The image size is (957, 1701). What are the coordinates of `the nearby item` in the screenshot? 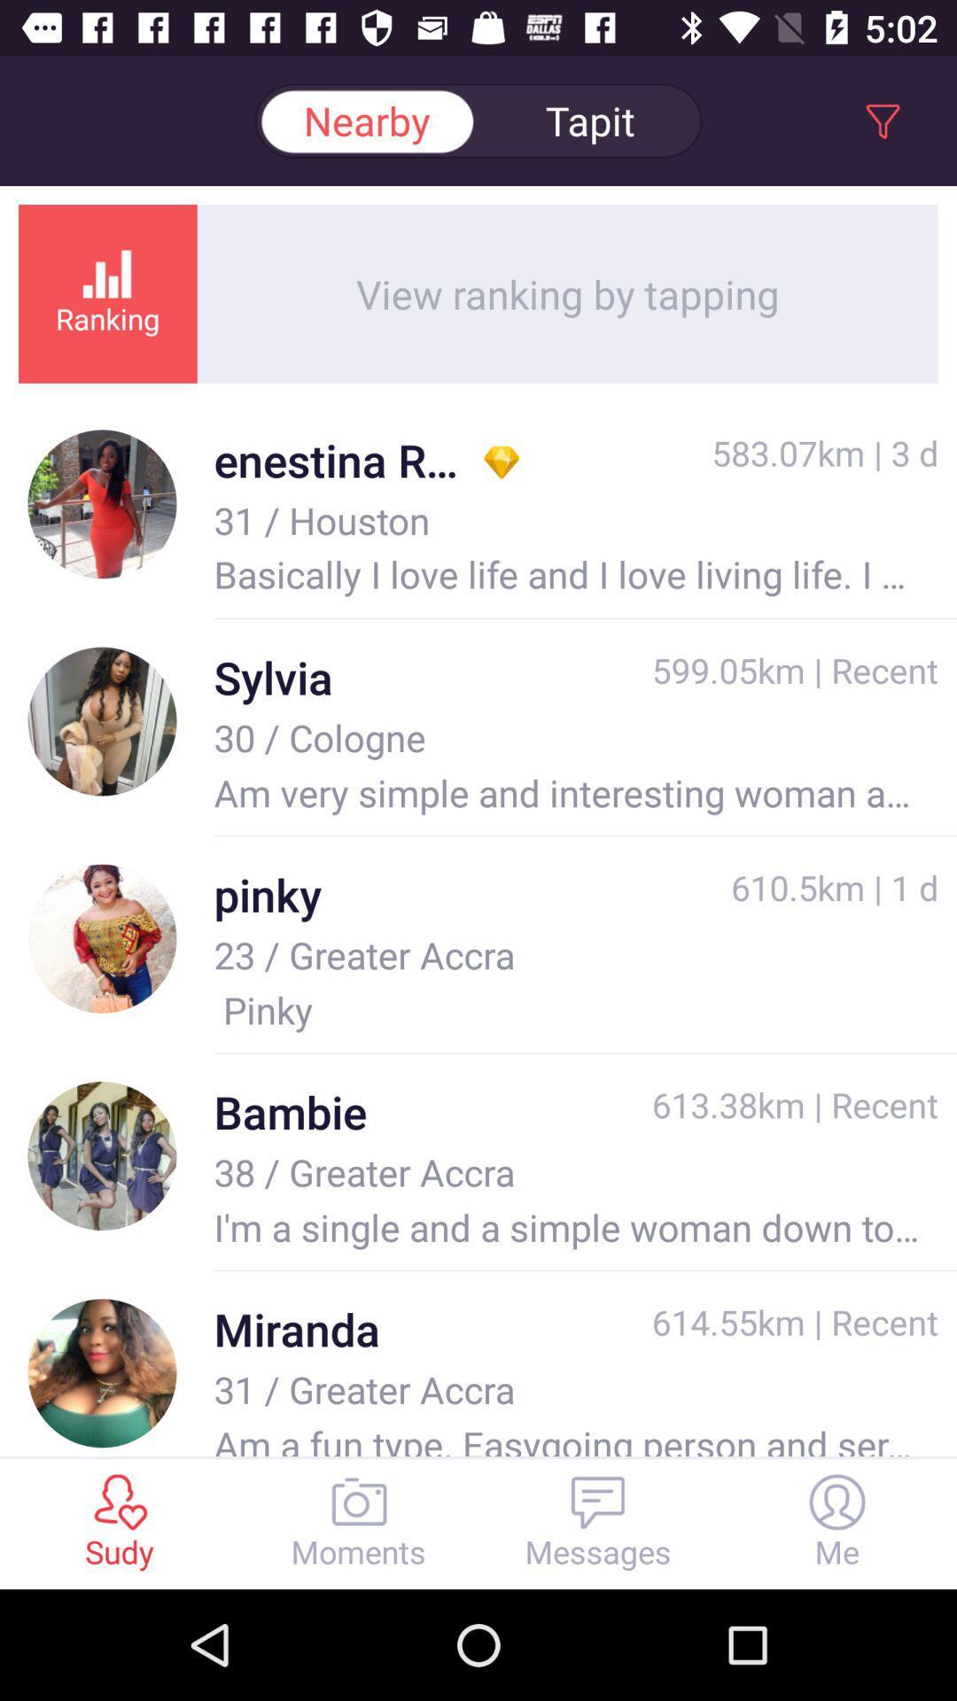 It's located at (365, 120).